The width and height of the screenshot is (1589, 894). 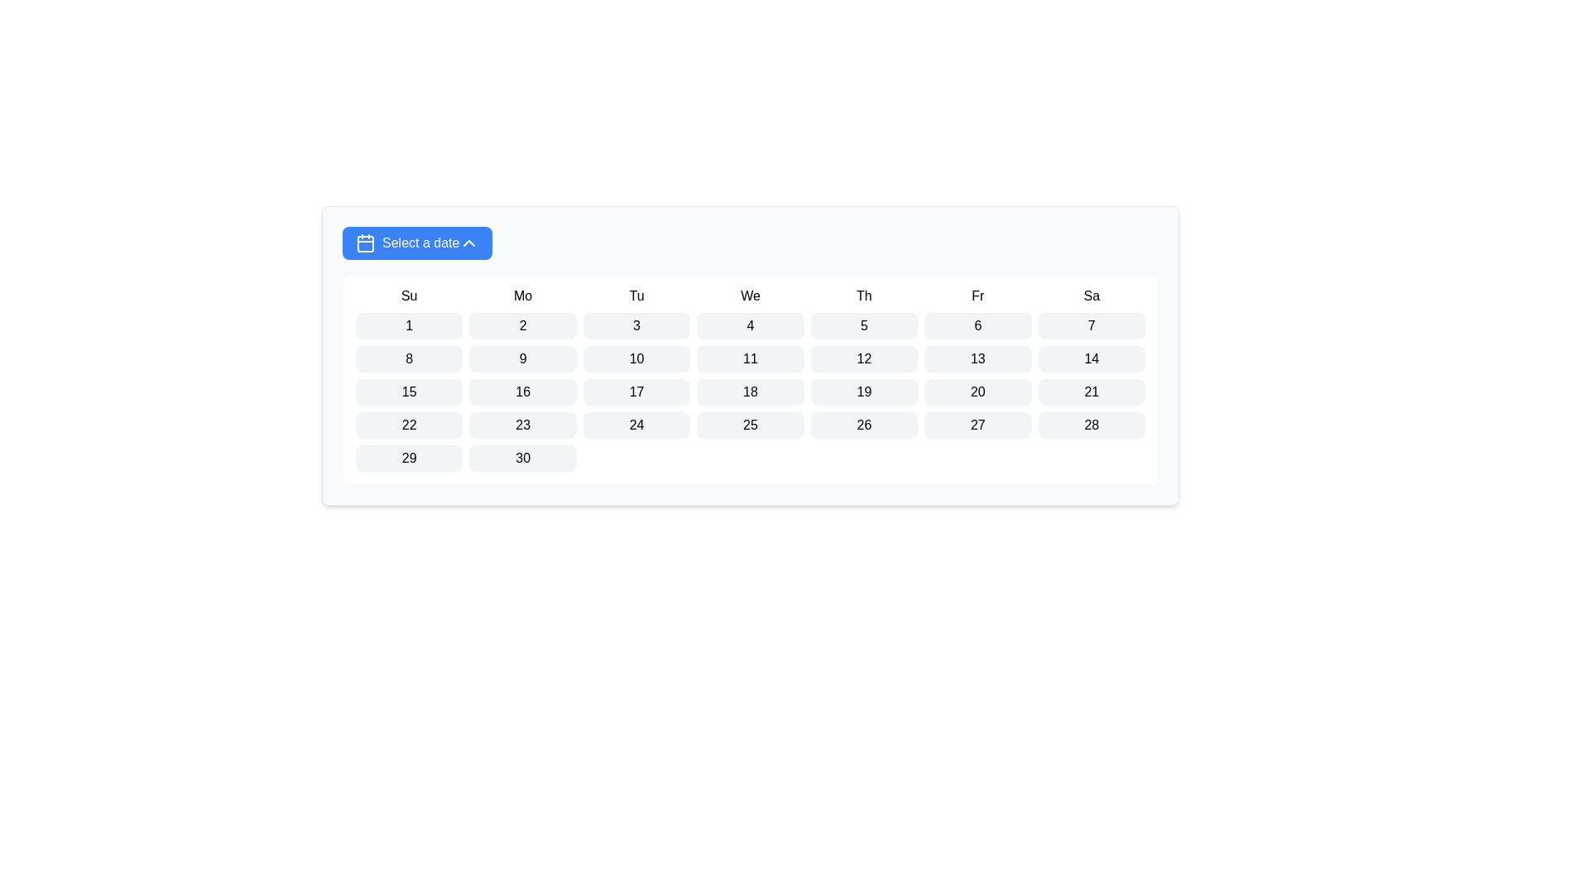 What do you see at coordinates (409, 325) in the screenshot?
I see `the rounded rectangular button displaying the number '1' with a light gray background` at bounding box center [409, 325].